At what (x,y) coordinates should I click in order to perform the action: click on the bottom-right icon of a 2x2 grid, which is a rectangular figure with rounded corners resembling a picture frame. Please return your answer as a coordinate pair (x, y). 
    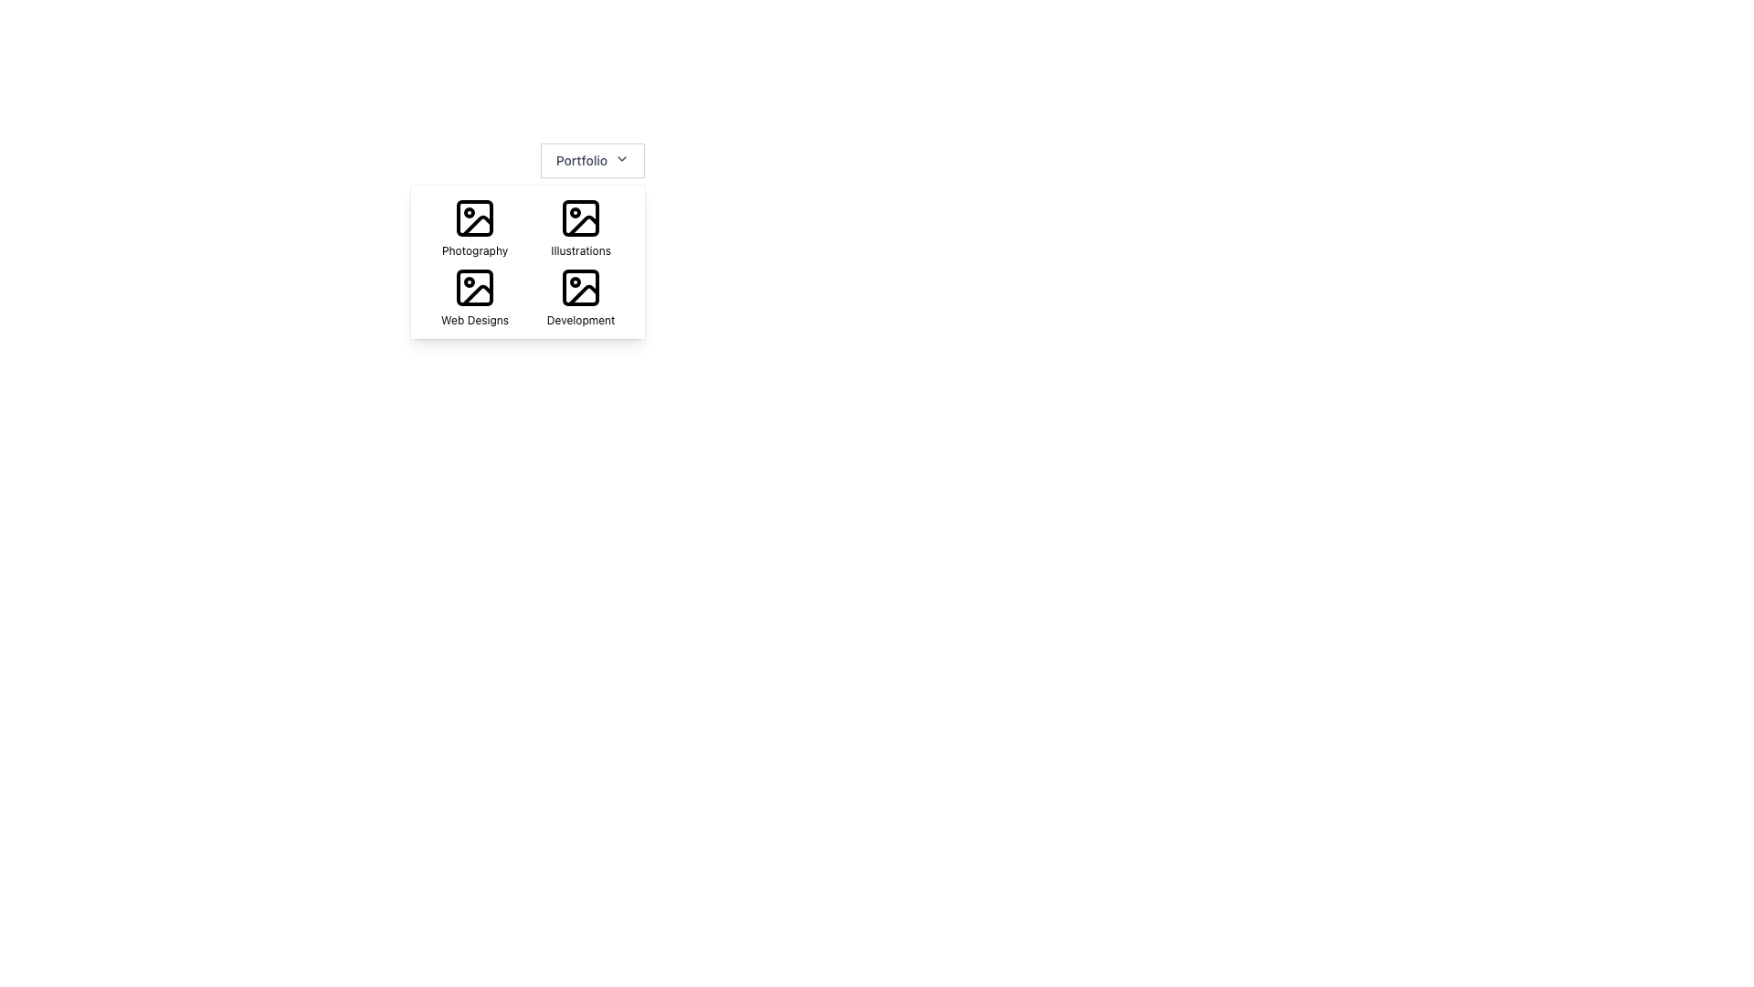
    Looking at the image, I should click on (580, 288).